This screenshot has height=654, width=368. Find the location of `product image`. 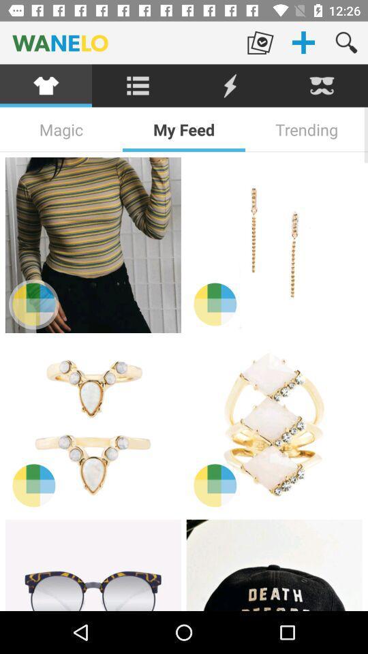

product image is located at coordinates (92, 245).